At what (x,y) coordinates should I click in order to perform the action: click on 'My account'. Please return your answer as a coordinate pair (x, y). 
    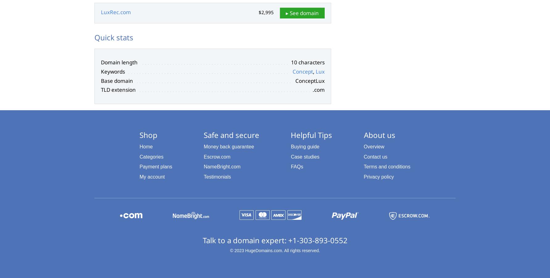
    Looking at the image, I should click on (152, 176).